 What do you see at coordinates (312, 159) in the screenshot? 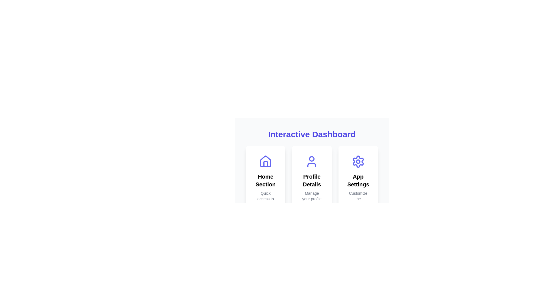
I see `the decorative graphical icon that forms the head of the user profile illustration, located in the middle column below the 'Interactive Dashboard' header` at bounding box center [312, 159].